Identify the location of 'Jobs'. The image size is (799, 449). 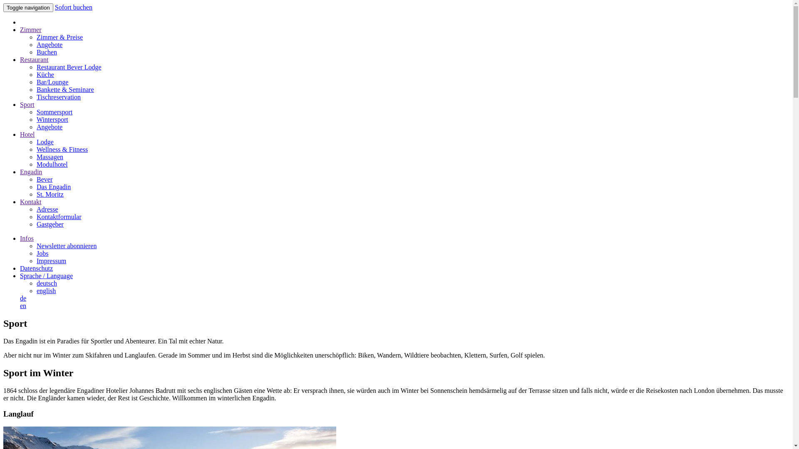
(42, 253).